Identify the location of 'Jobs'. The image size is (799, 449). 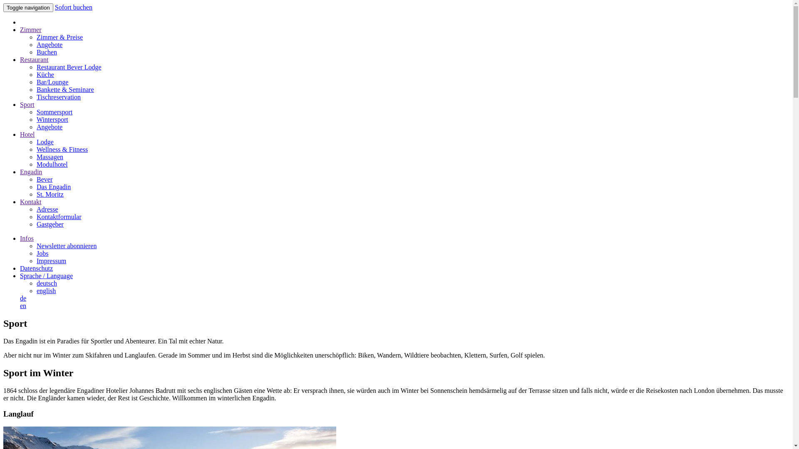
(42, 253).